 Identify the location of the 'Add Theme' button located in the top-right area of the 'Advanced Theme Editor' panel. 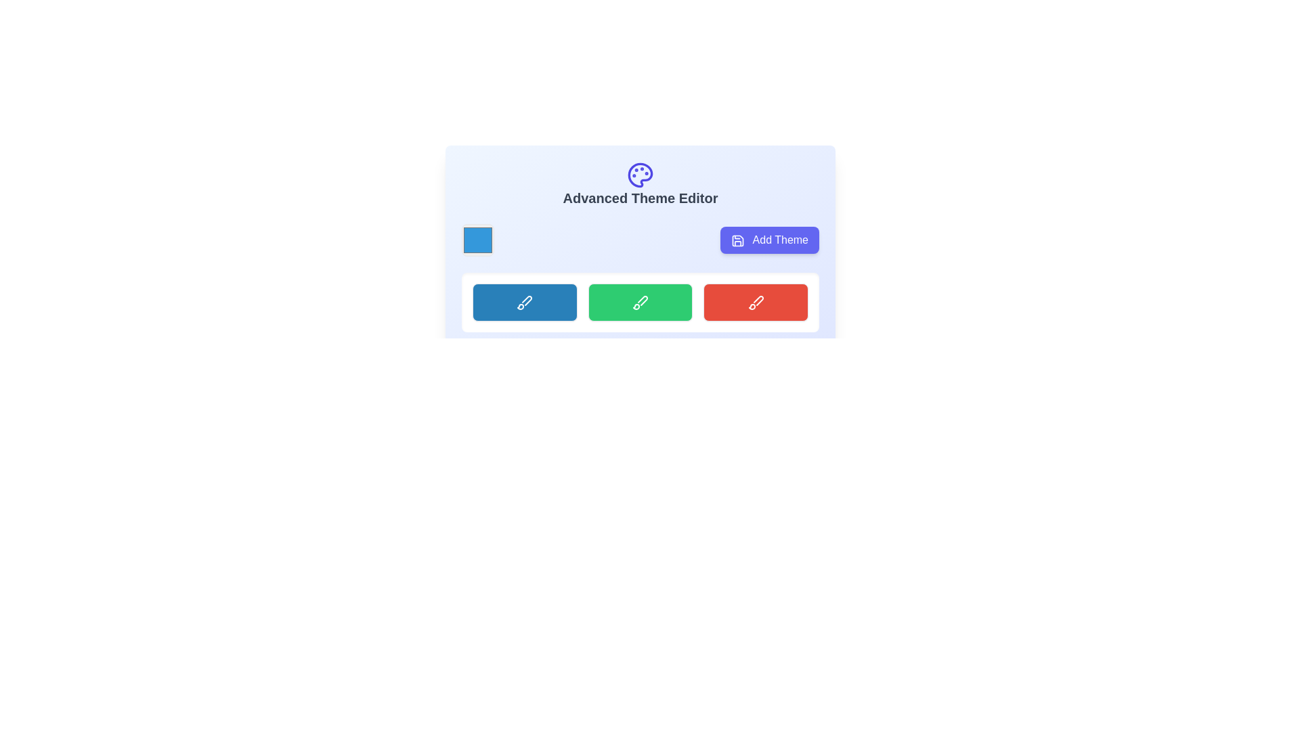
(770, 239).